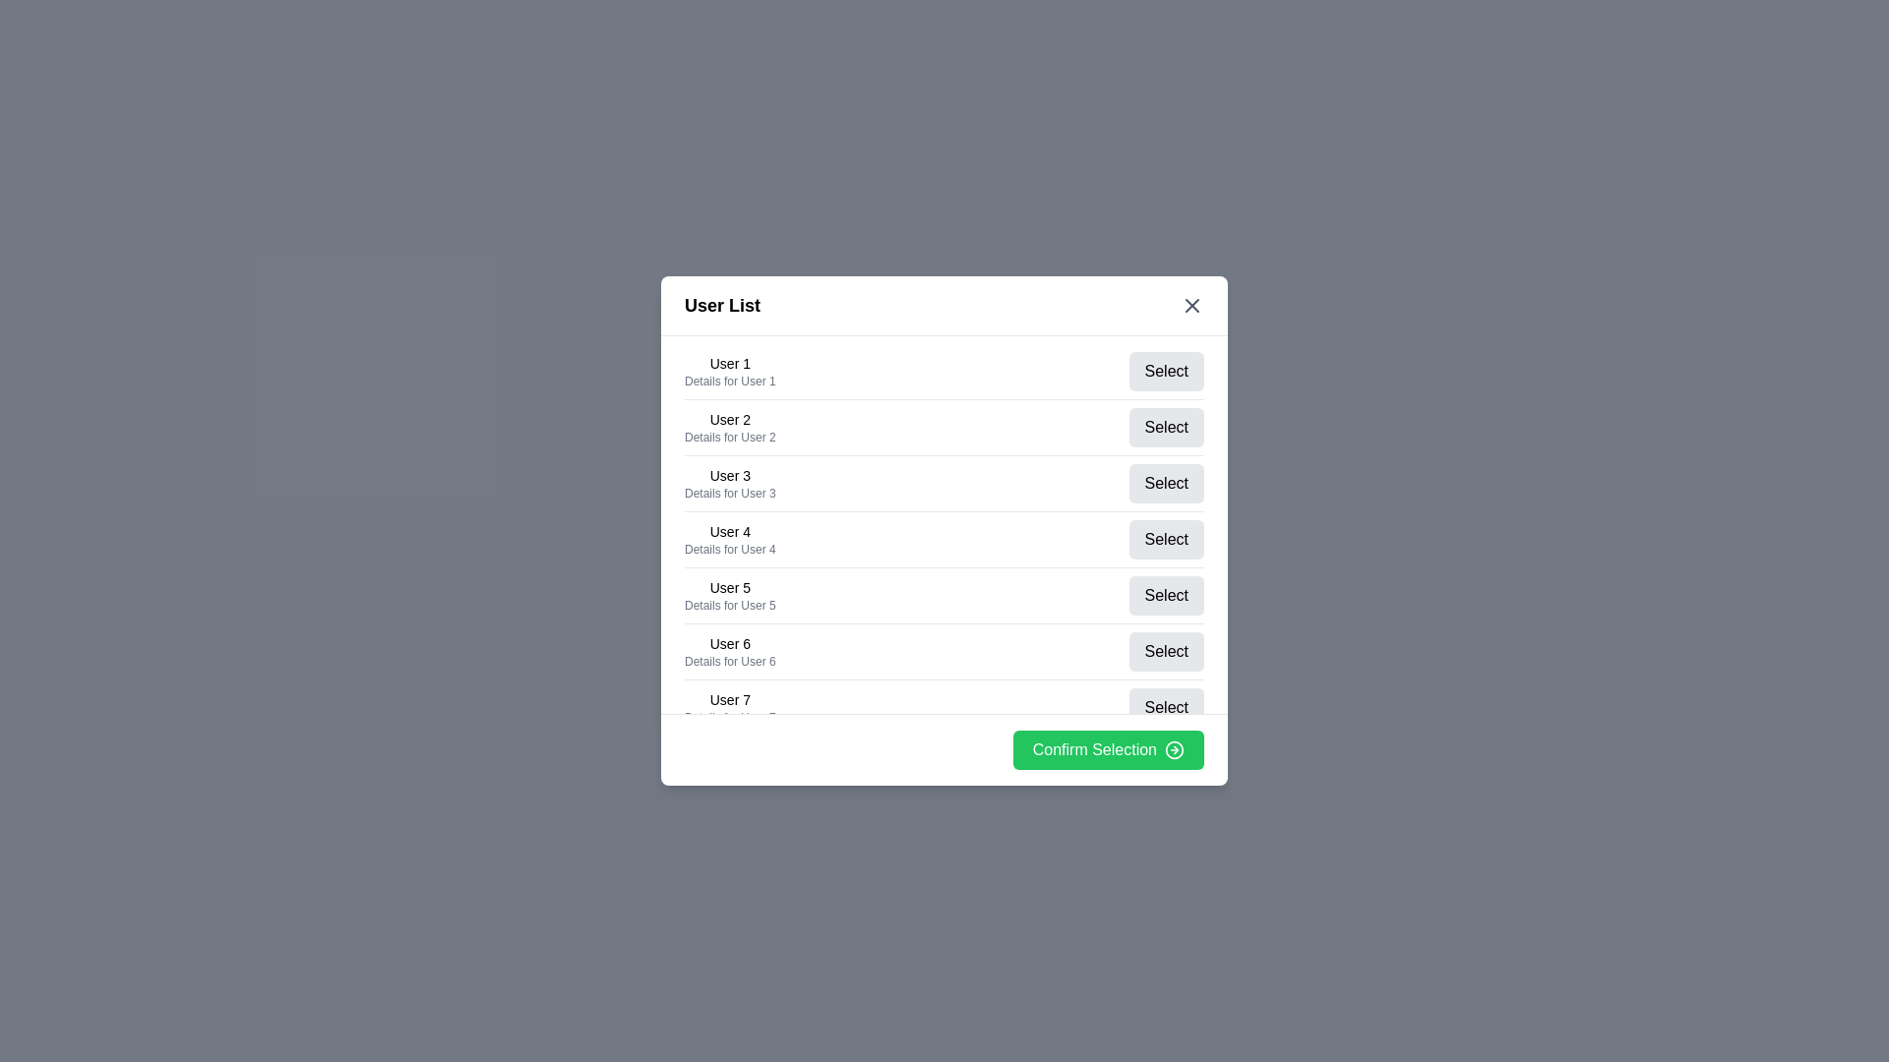  What do you see at coordinates (1166, 652) in the screenshot?
I see `'Select' button for user 6` at bounding box center [1166, 652].